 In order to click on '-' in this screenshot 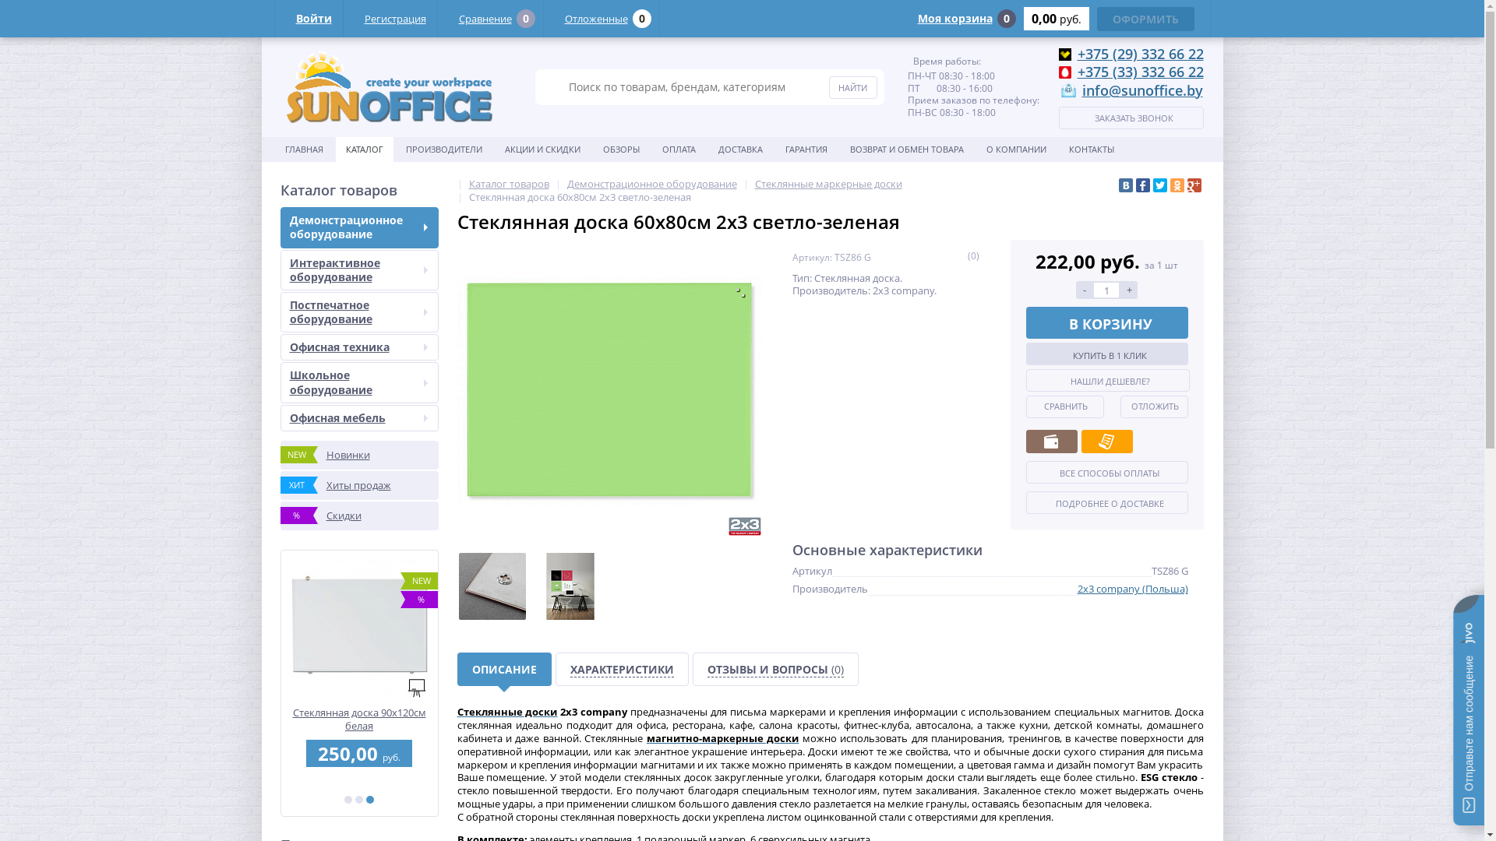, I will do `click(1084, 290)`.